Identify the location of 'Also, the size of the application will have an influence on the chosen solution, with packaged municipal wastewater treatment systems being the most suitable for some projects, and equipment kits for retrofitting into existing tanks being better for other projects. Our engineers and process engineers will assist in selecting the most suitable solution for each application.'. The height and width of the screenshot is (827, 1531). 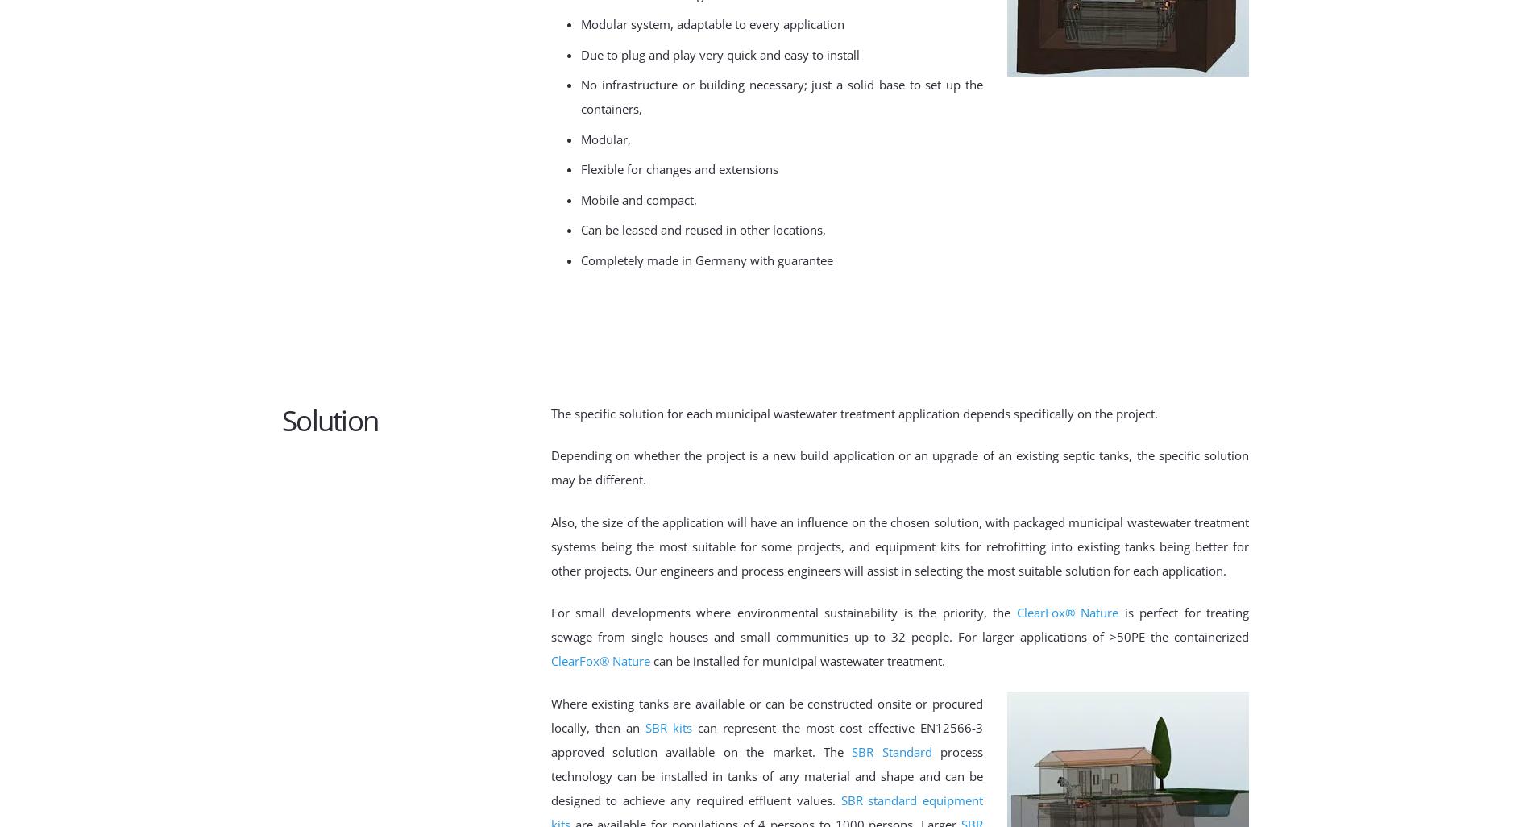
(899, 544).